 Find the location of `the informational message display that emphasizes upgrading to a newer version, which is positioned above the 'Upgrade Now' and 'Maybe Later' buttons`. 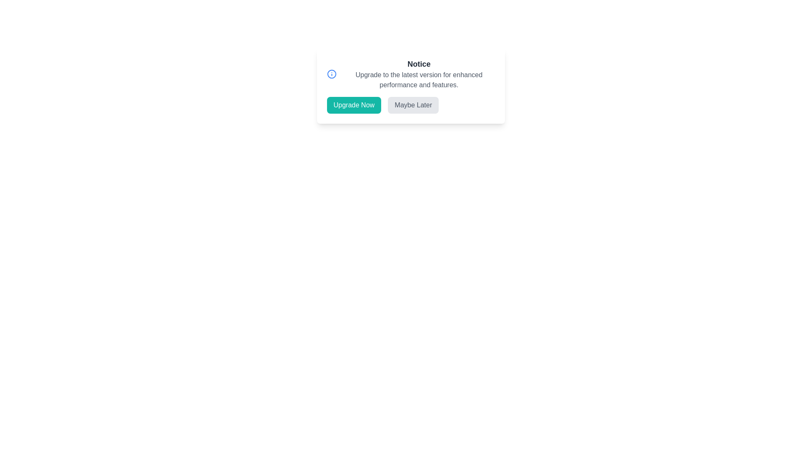

the informational message display that emphasizes upgrading to a newer version, which is positioned above the 'Upgrade Now' and 'Maybe Later' buttons is located at coordinates (411, 74).